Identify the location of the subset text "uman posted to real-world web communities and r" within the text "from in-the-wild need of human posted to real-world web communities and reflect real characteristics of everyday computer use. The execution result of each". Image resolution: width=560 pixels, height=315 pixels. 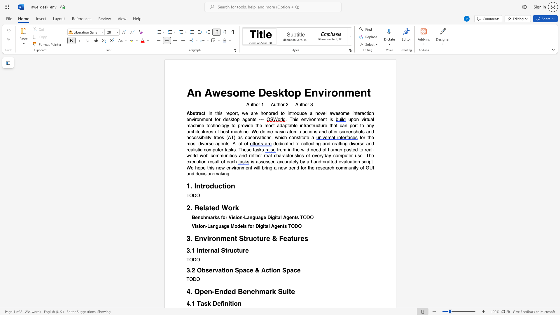
(330, 149).